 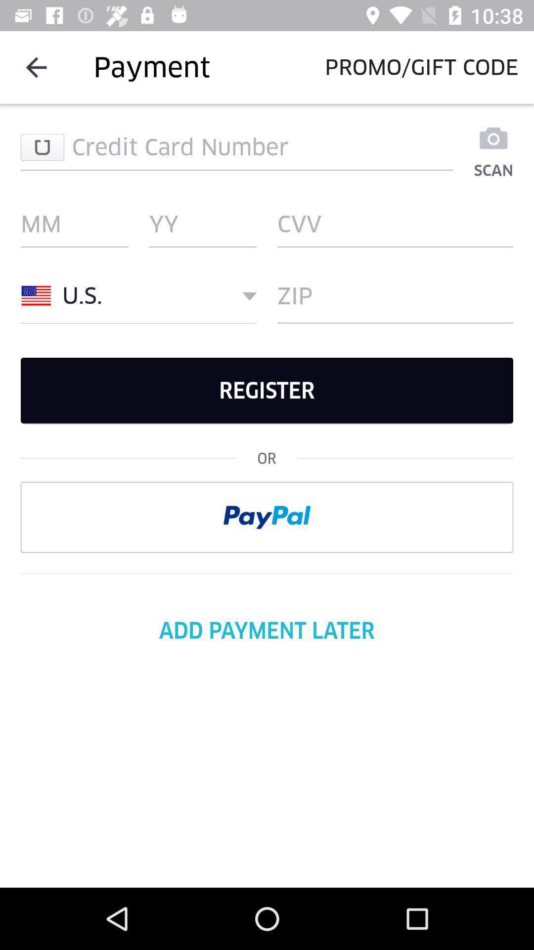 What do you see at coordinates (74, 223) in the screenshot?
I see `month` at bounding box center [74, 223].